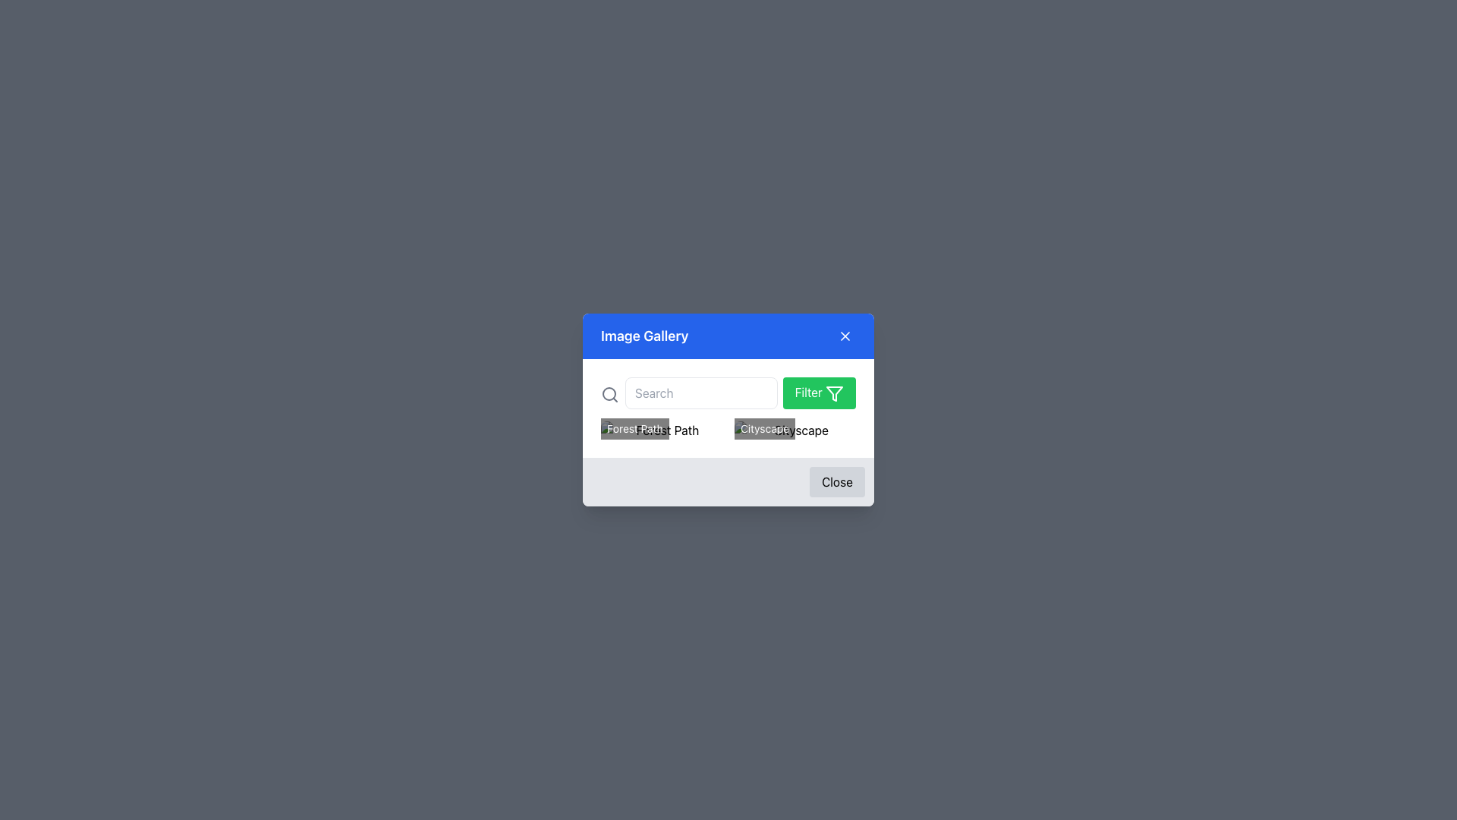 The width and height of the screenshot is (1457, 820). What do you see at coordinates (833, 392) in the screenshot?
I see `the filter icon, which is a funnel-like shape located at the center of the green 'Filter' button in the top-right corner of the 'Image Gallery' modal box` at bounding box center [833, 392].